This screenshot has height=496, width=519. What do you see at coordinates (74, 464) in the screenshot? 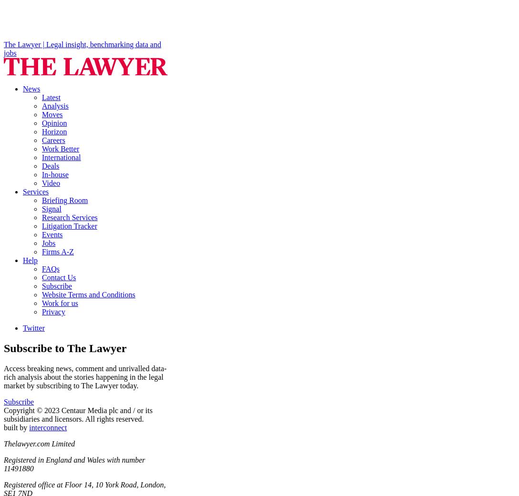
I see `'Registered in England and Wales with number 11491880'` at bounding box center [74, 464].